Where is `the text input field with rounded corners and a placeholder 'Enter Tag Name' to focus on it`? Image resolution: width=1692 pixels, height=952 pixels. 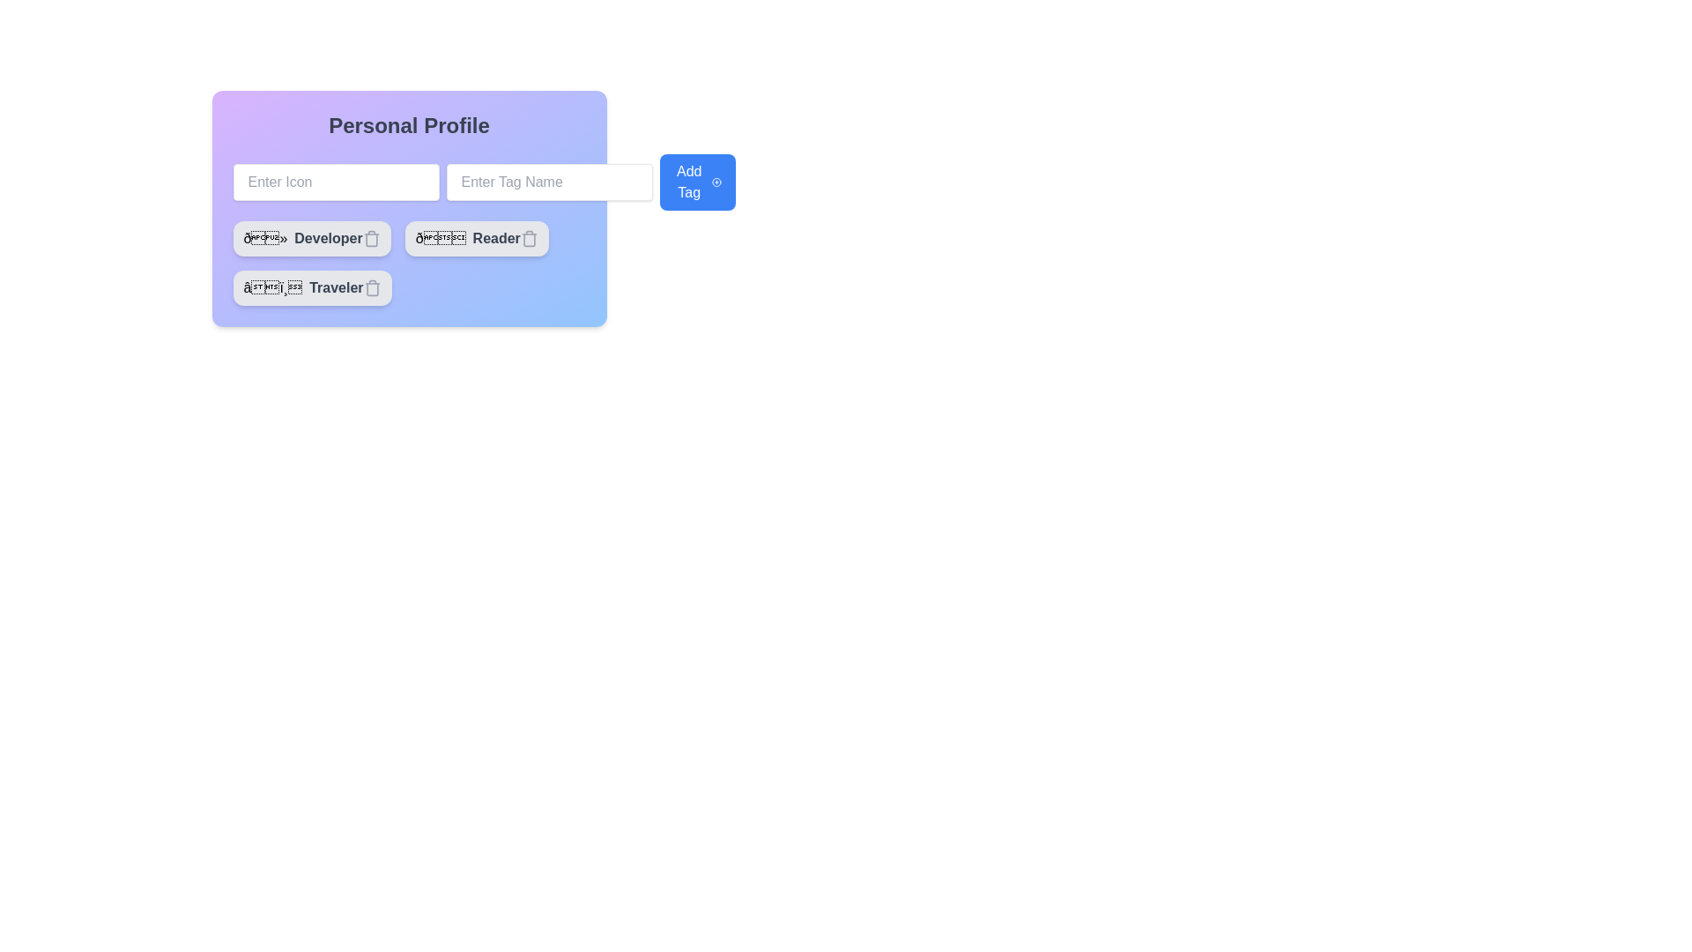 the text input field with rounded corners and a placeholder 'Enter Tag Name' to focus on it is located at coordinates (548, 182).